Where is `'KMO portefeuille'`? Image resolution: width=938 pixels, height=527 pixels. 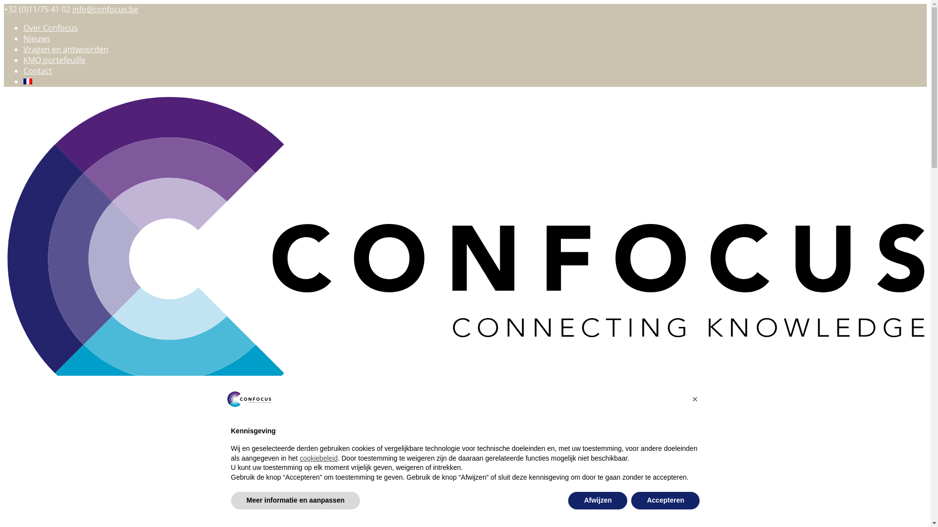
'KMO portefeuille' is located at coordinates (54, 60).